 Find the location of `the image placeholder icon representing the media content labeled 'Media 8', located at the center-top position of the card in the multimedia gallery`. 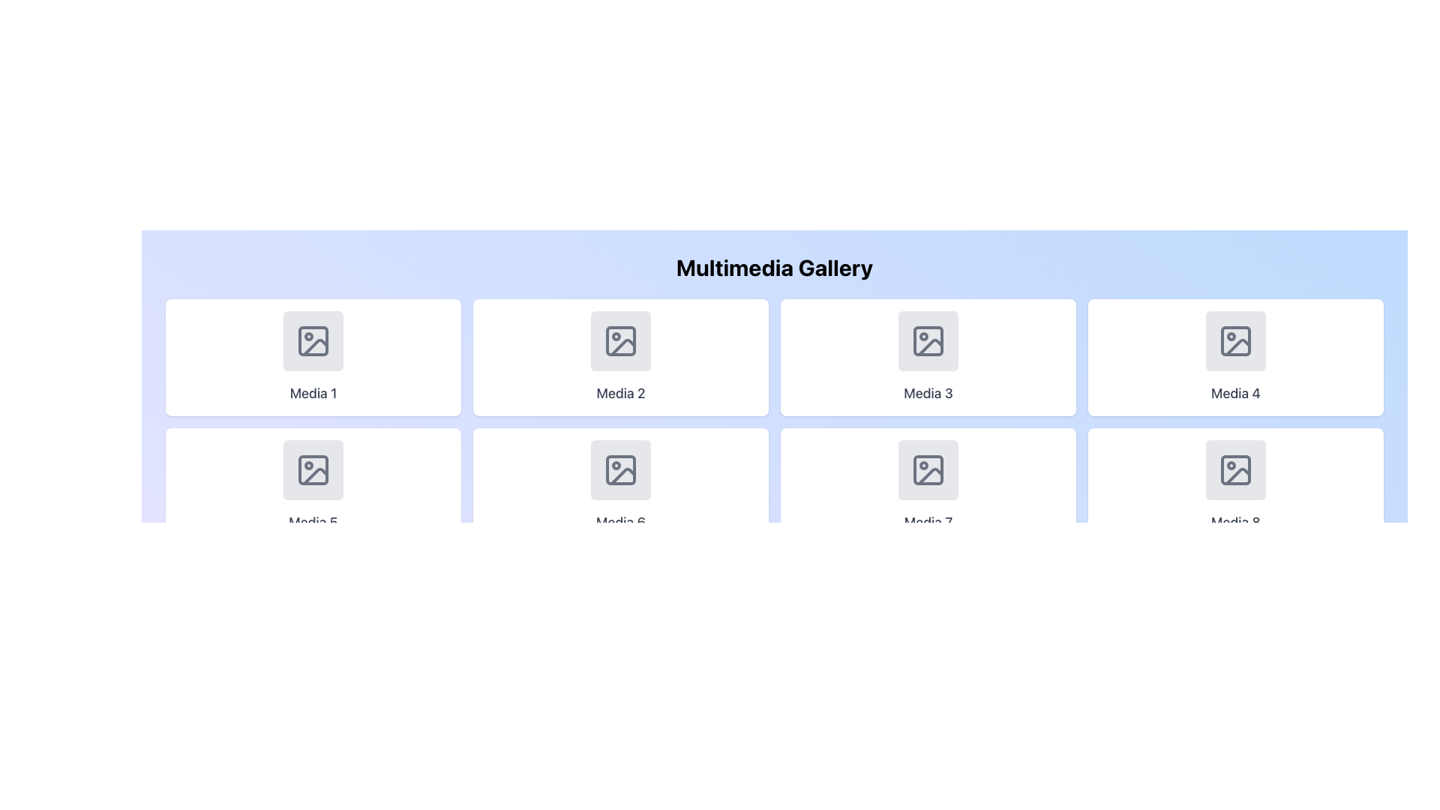

the image placeholder icon representing the media content labeled 'Media 8', located at the center-top position of the card in the multimedia gallery is located at coordinates (1235, 469).